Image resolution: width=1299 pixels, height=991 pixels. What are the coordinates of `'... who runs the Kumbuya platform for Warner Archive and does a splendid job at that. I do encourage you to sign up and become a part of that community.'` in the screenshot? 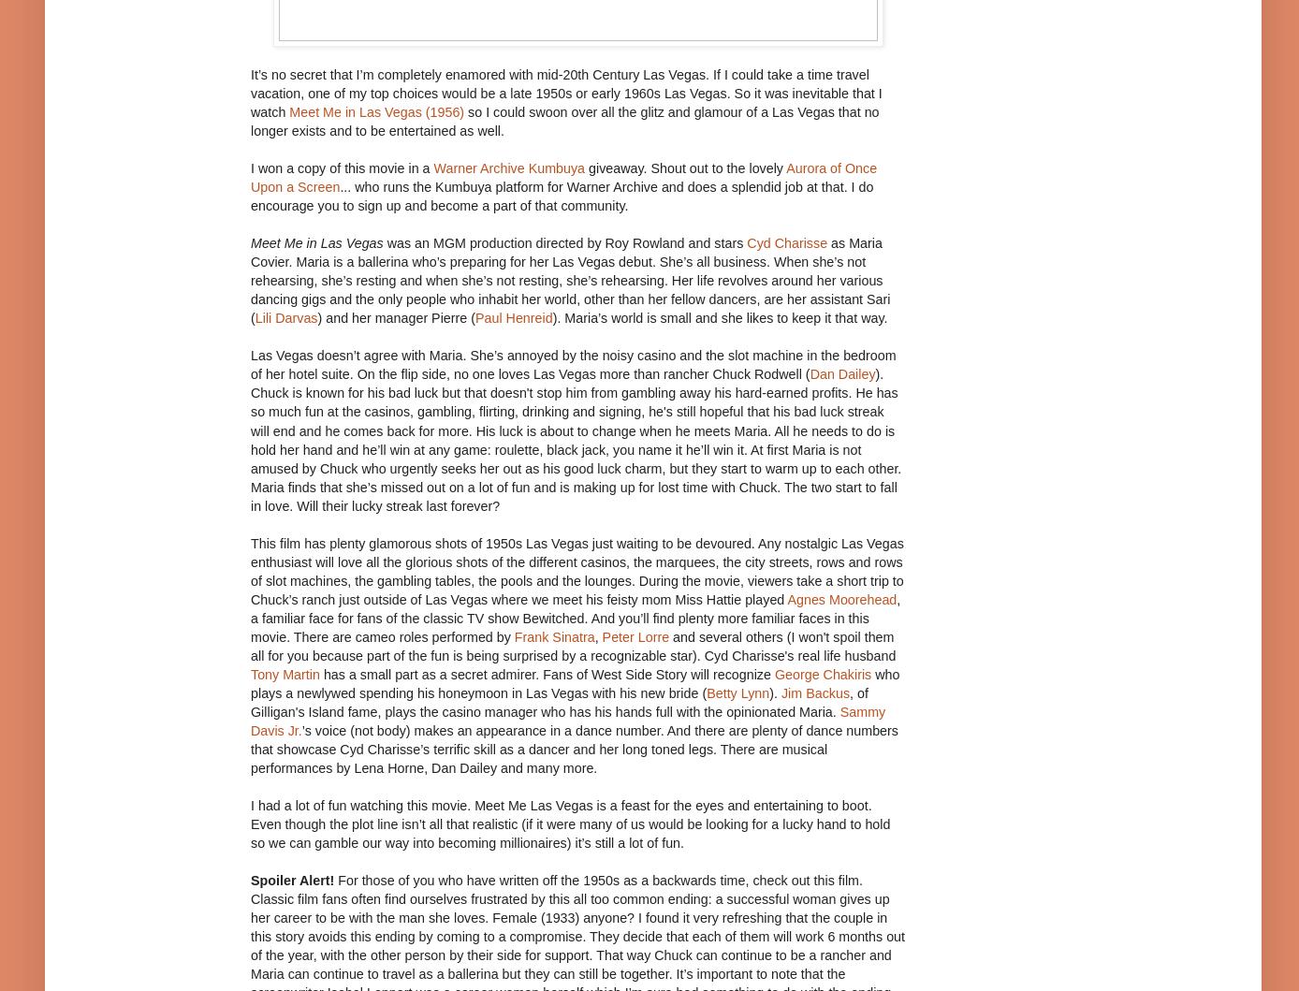 It's located at (562, 195).